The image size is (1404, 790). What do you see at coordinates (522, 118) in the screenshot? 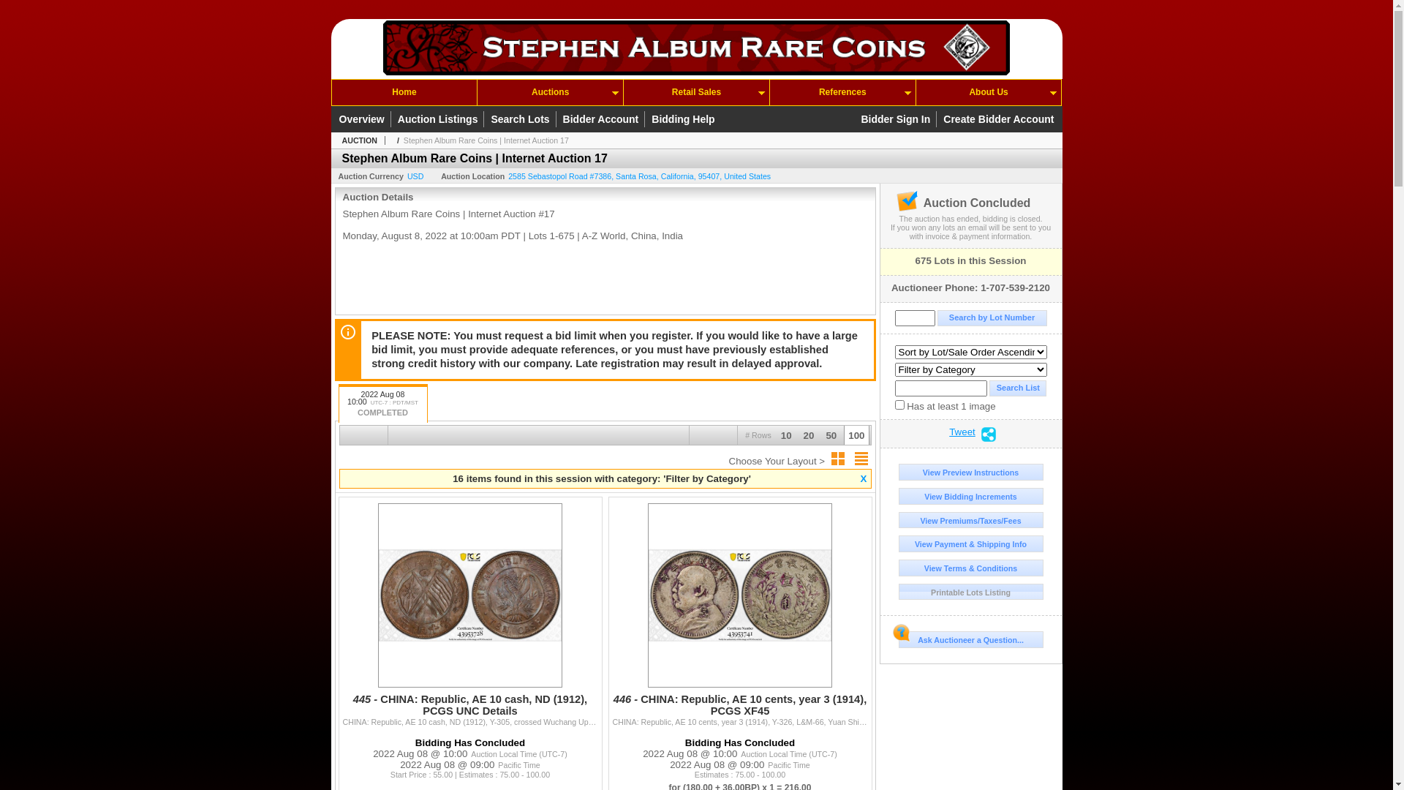
I see `'Search Lots'` at bounding box center [522, 118].